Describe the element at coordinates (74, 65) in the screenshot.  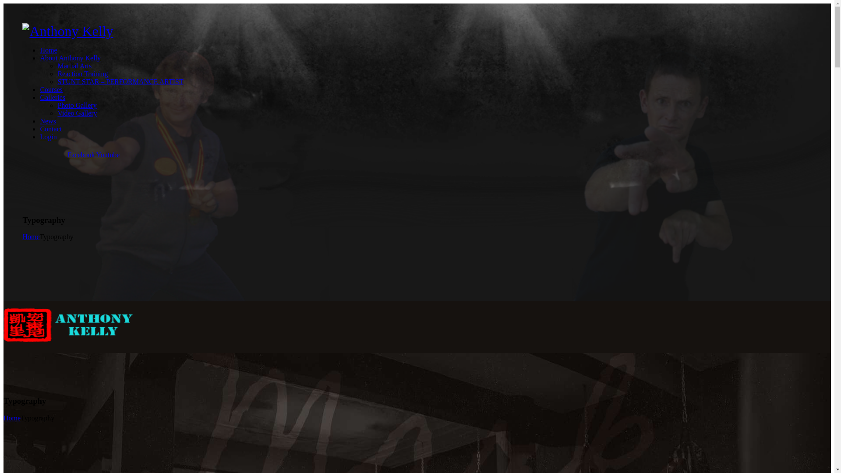
I see `'Martial Arts'` at that location.